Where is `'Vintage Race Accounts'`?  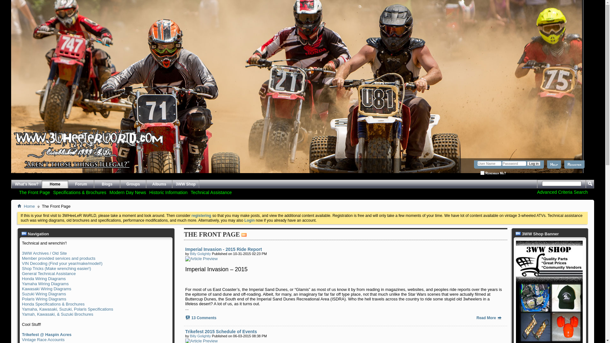 'Vintage Race Accounts' is located at coordinates (43, 339).